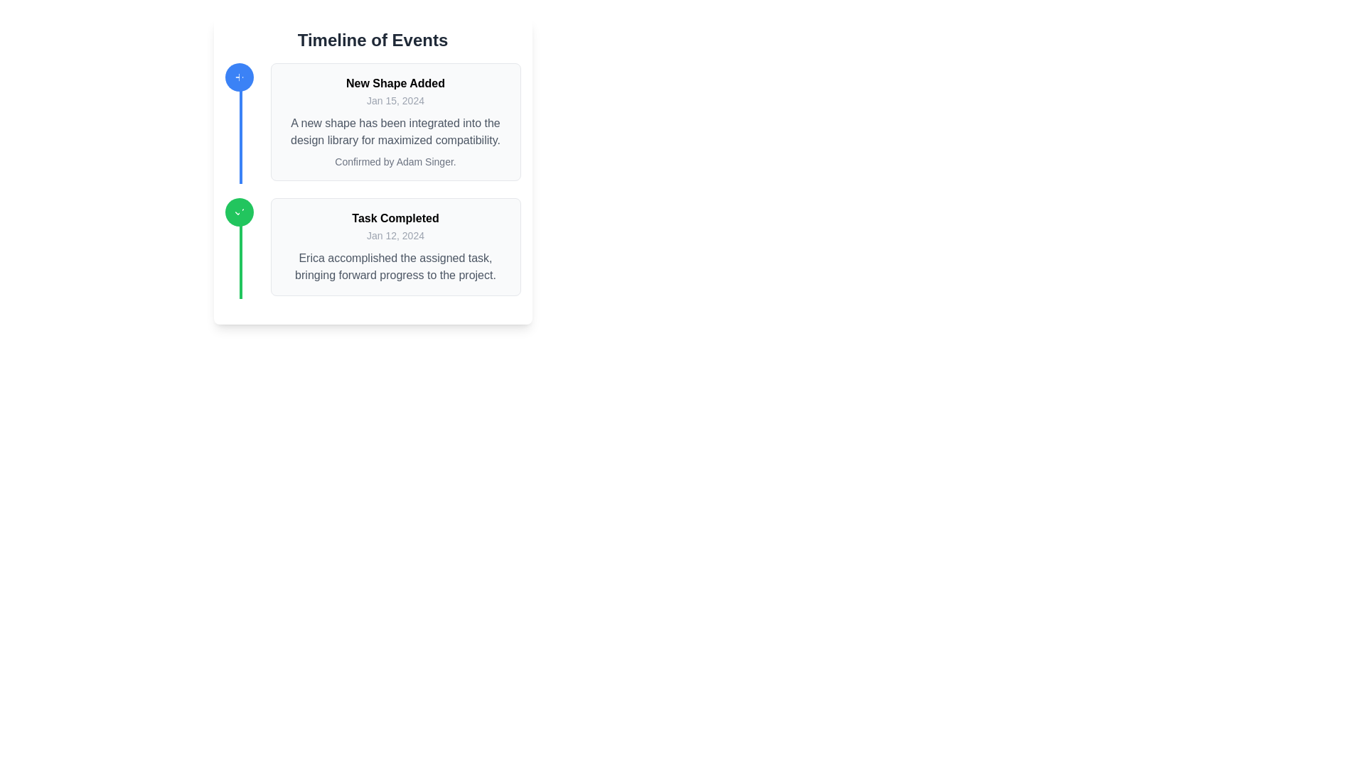  Describe the element at coordinates (395, 161) in the screenshot. I see `informational text block confirming an action by 'Adam Singer', located at the bottom of the 'New Shape Added' card` at that location.